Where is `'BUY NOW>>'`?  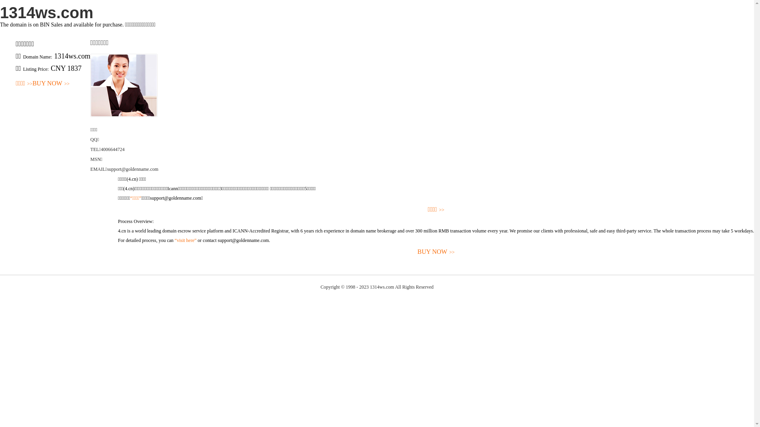 'BUY NOW>>' is located at coordinates (117, 252).